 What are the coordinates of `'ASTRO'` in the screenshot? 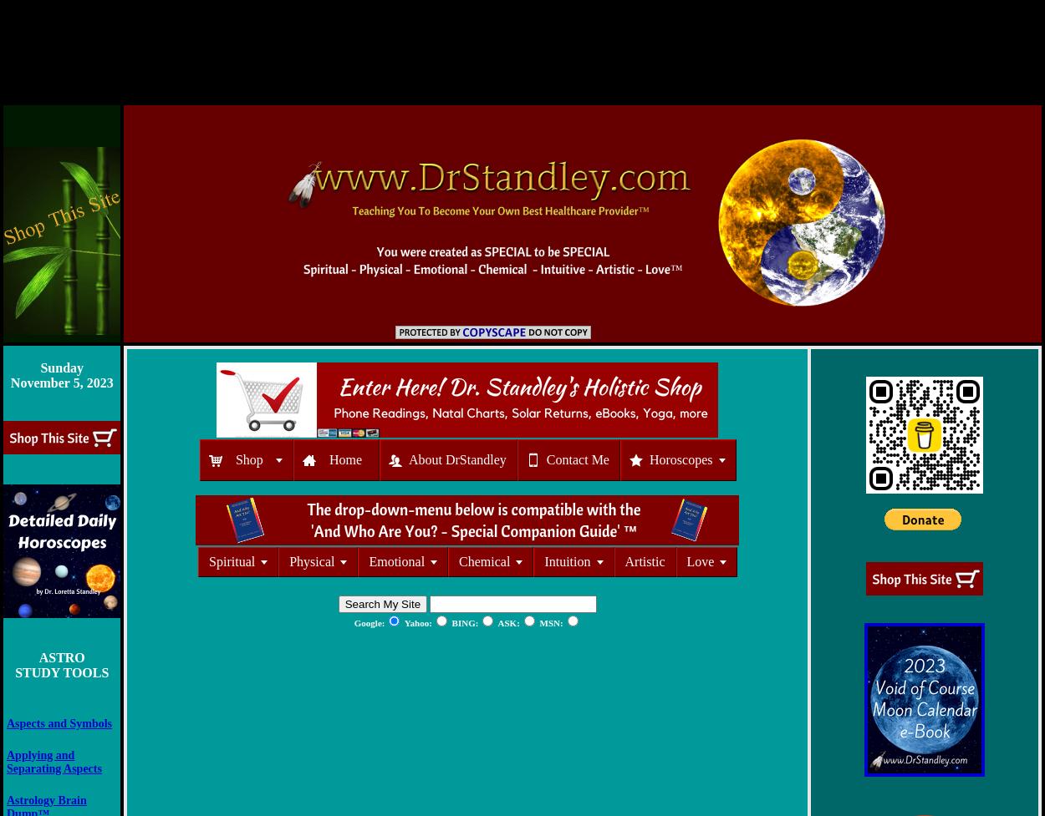 It's located at (60, 657).